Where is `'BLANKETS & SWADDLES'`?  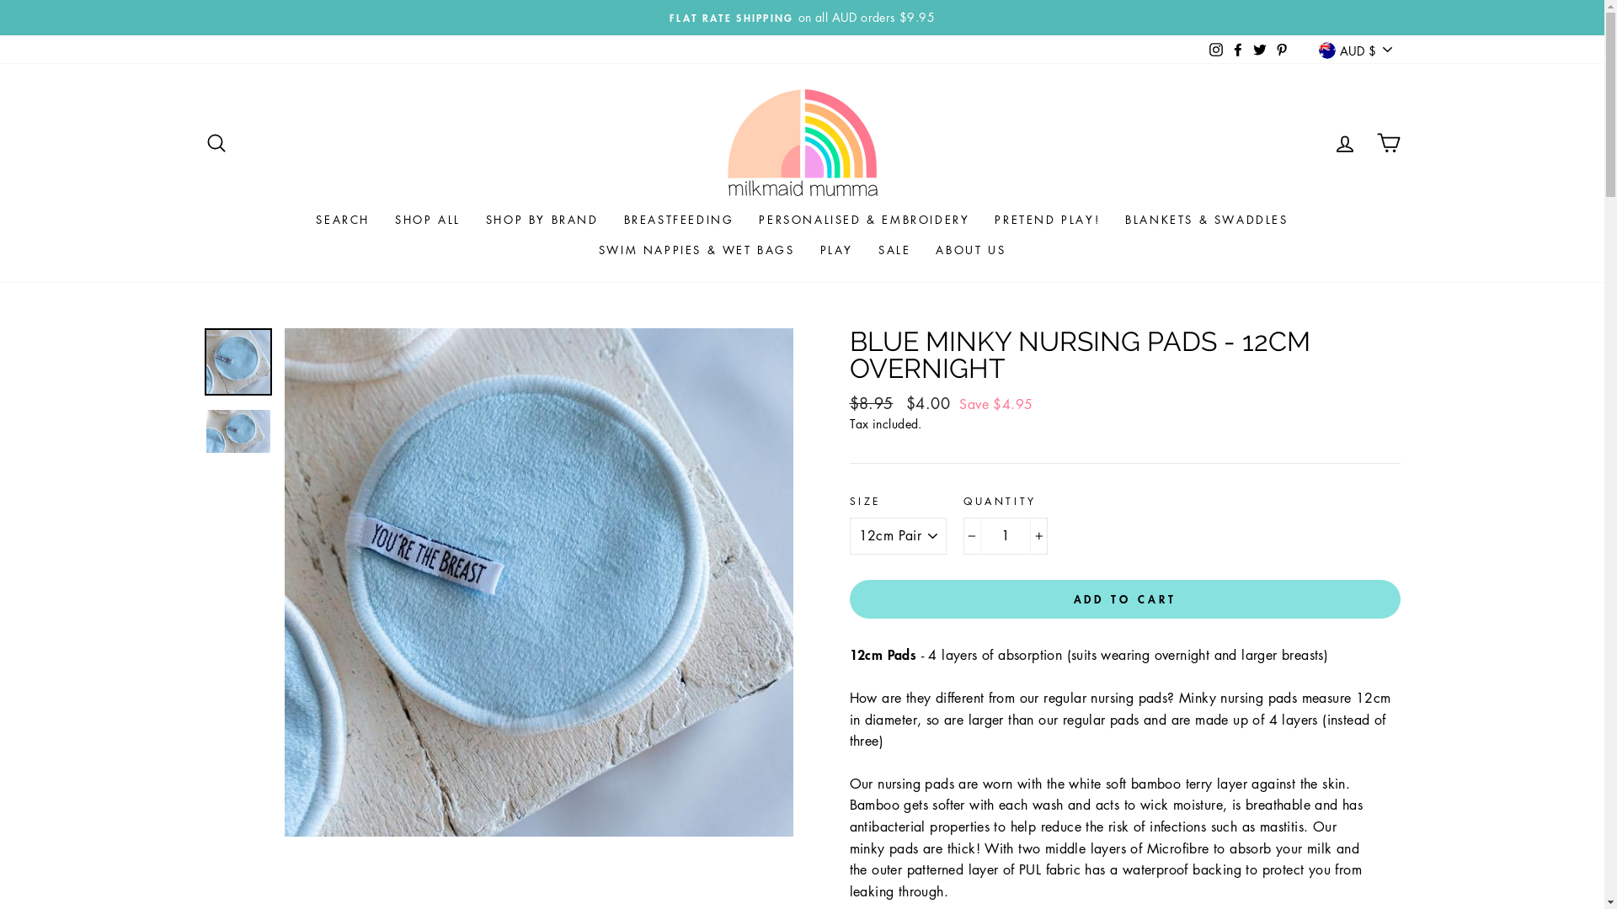
'BLANKETS & SWADDLES' is located at coordinates (1112, 219).